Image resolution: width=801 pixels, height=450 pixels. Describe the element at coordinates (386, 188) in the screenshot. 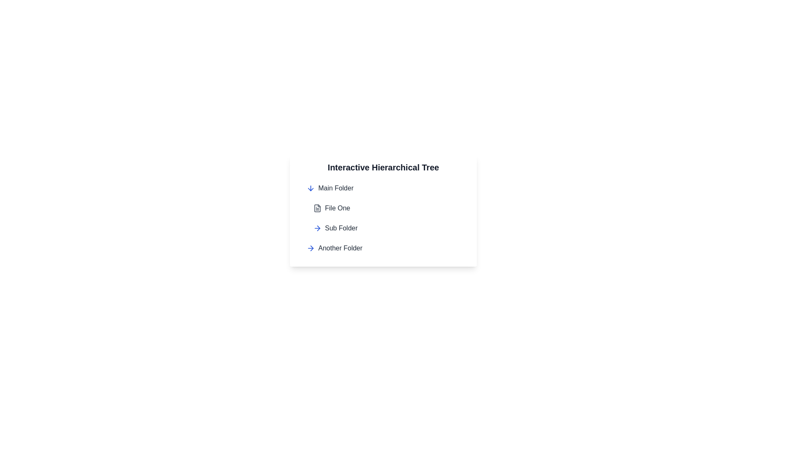

I see `the Collapsible Tree Node labeled 'Main Folder', which features a downward pointing blue arrow and changes to teal on hover` at that location.